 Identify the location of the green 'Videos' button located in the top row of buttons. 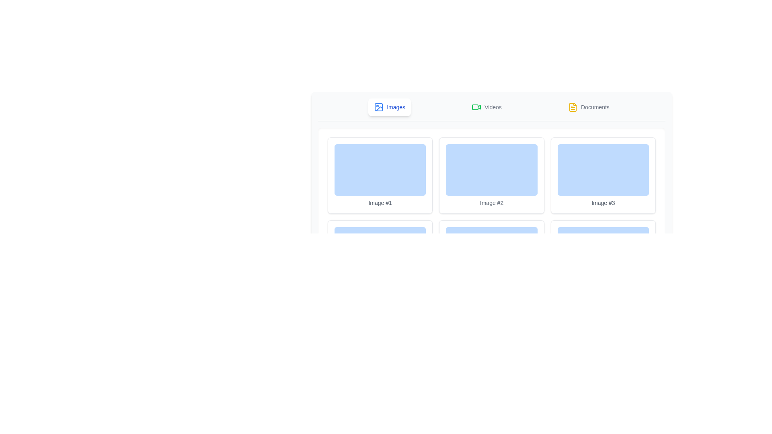
(486, 106).